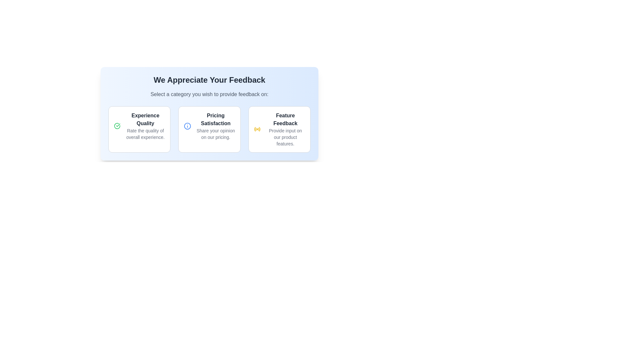  What do you see at coordinates (145, 133) in the screenshot?
I see `the 'Experience Quality' section by targeting the descriptive text label located beneath the title 'Experience Quality' in the leftmost column of the layout` at bounding box center [145, 133].